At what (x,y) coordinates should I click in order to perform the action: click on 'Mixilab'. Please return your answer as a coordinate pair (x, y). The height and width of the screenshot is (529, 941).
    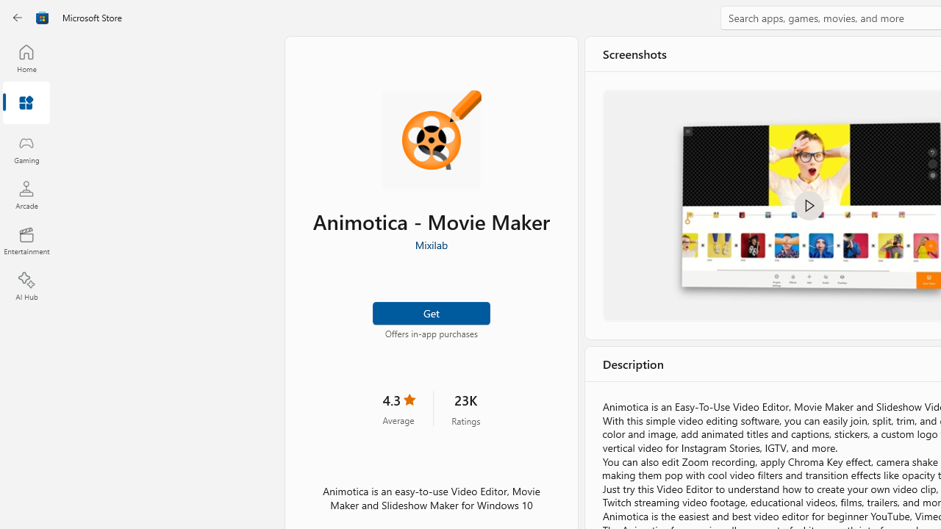
    Looking at the image, I should click on (430, 244).